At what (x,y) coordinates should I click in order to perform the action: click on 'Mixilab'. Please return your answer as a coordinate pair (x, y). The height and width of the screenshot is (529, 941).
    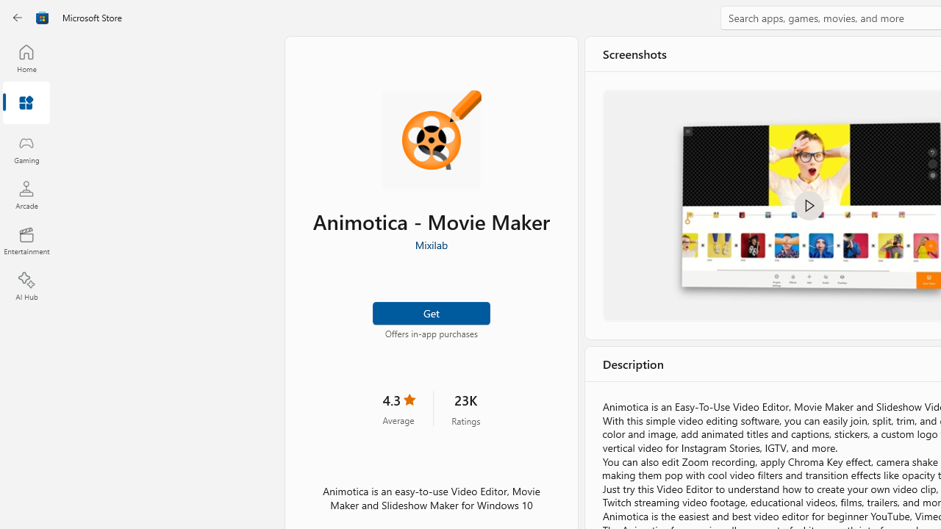
    Looking at the image, I should click on (430, 244).